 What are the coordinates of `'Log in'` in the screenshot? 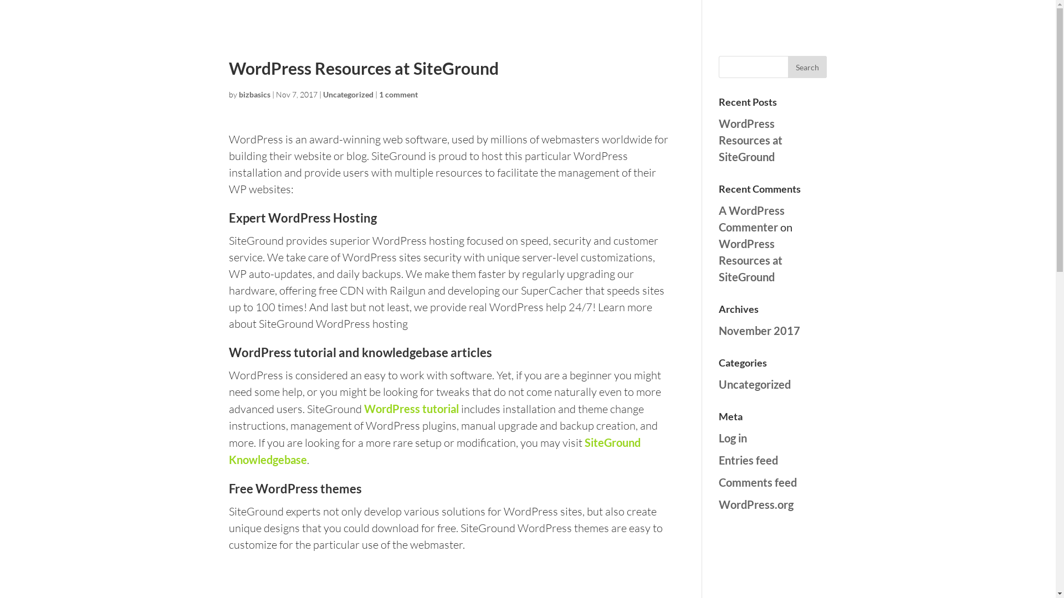 It's located at (733, 437).